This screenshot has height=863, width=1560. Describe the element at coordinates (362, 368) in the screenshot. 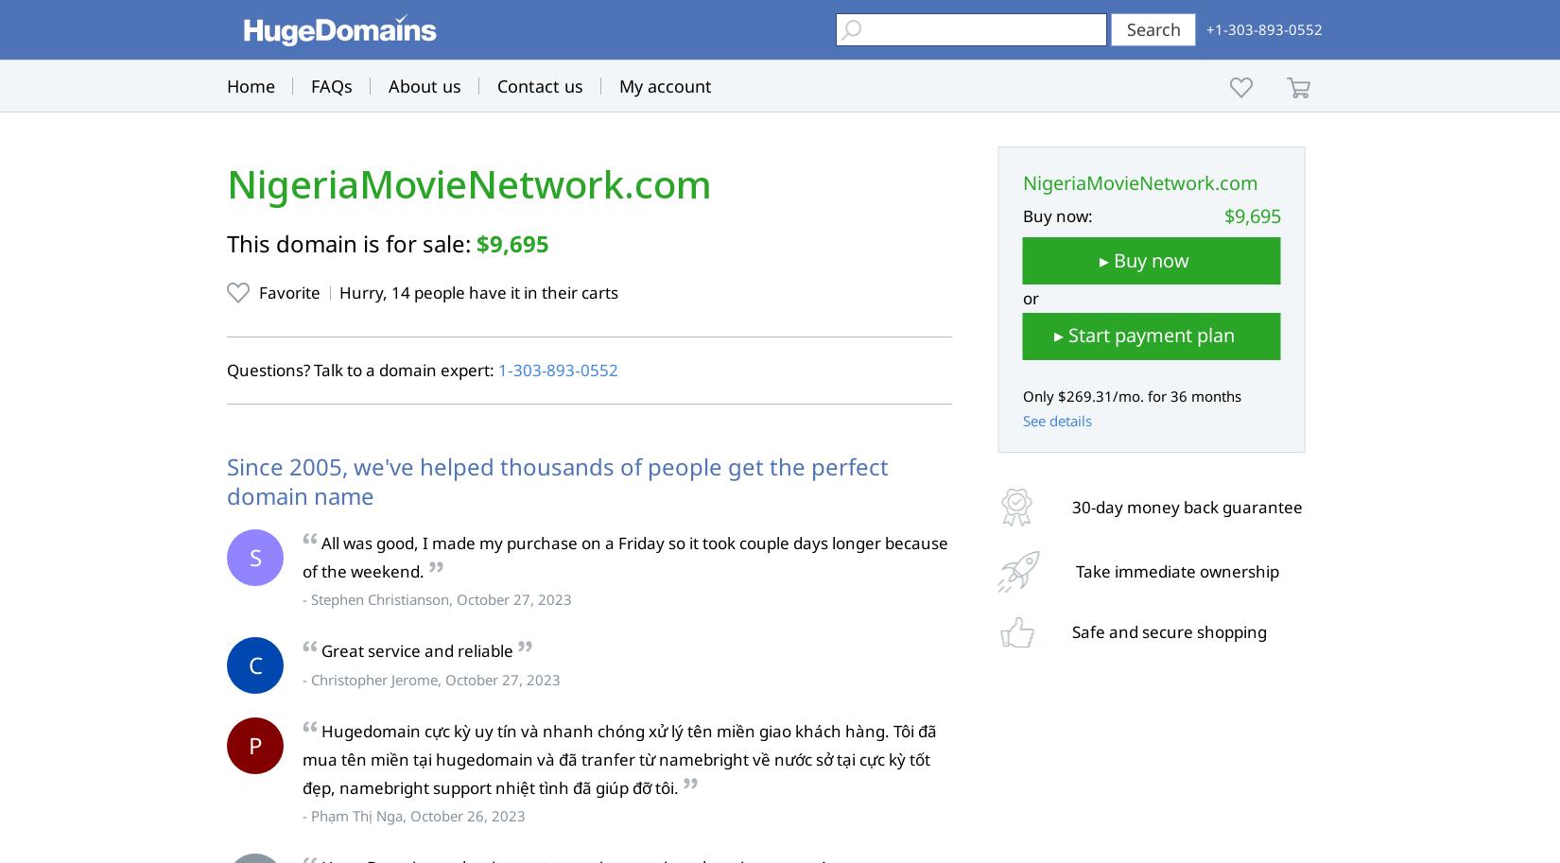

I see `'Questions? Talk to a domain expert:'` at that location.